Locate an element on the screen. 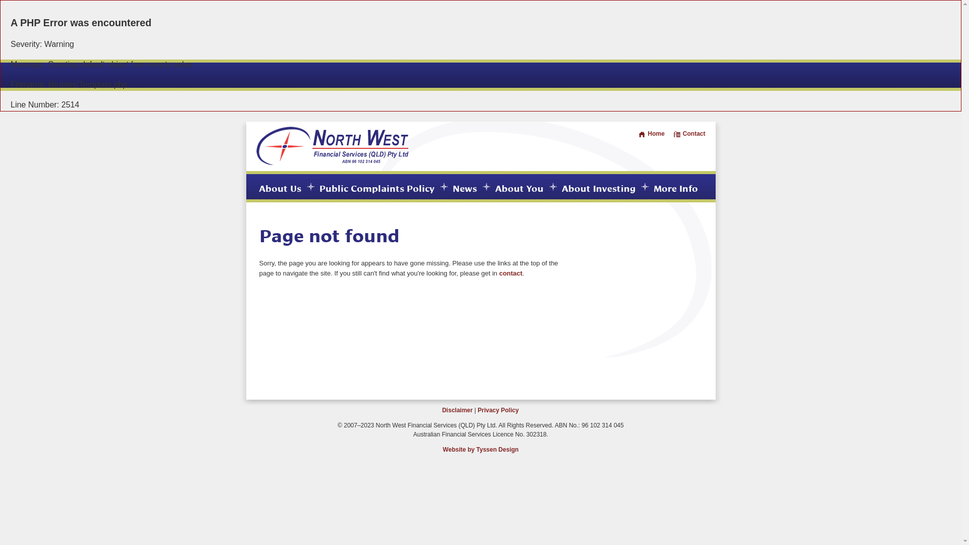 This screenshot has width=969, height=545. 'Home' is located at coordinates (651, 133).